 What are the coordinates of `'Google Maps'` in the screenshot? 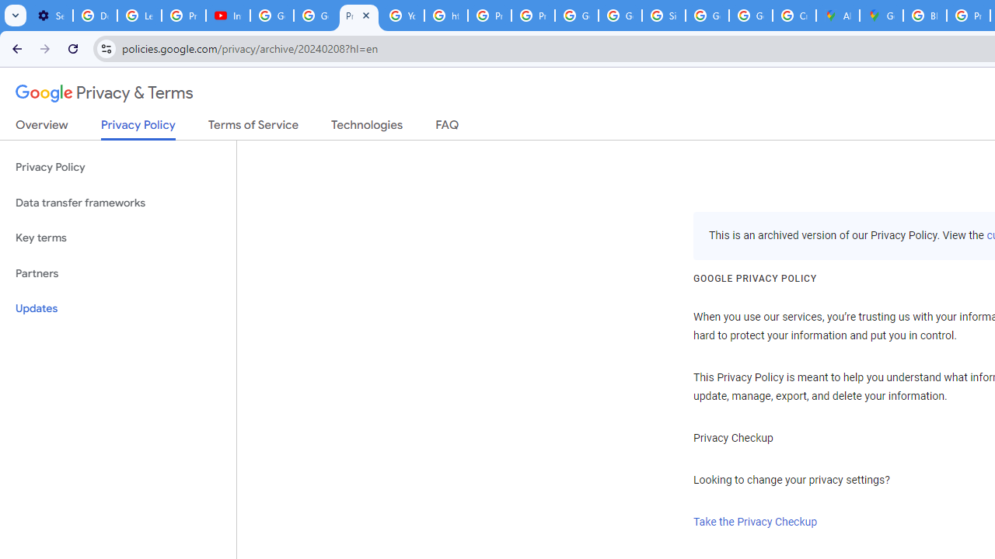 It's located at (882, 16).